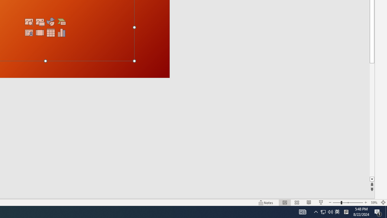 Image resolution: width=387 pixels, height=218 pixels. Describe the element at coordinates (62, 33) in the screenshot. I see `'Insert Chart'` at that location.